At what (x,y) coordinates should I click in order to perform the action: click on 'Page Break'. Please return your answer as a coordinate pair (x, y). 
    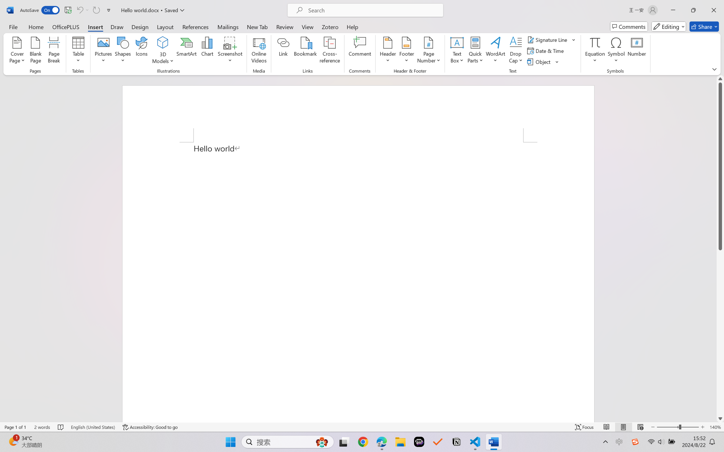
    Looking at the image, I should click on (54, 51).